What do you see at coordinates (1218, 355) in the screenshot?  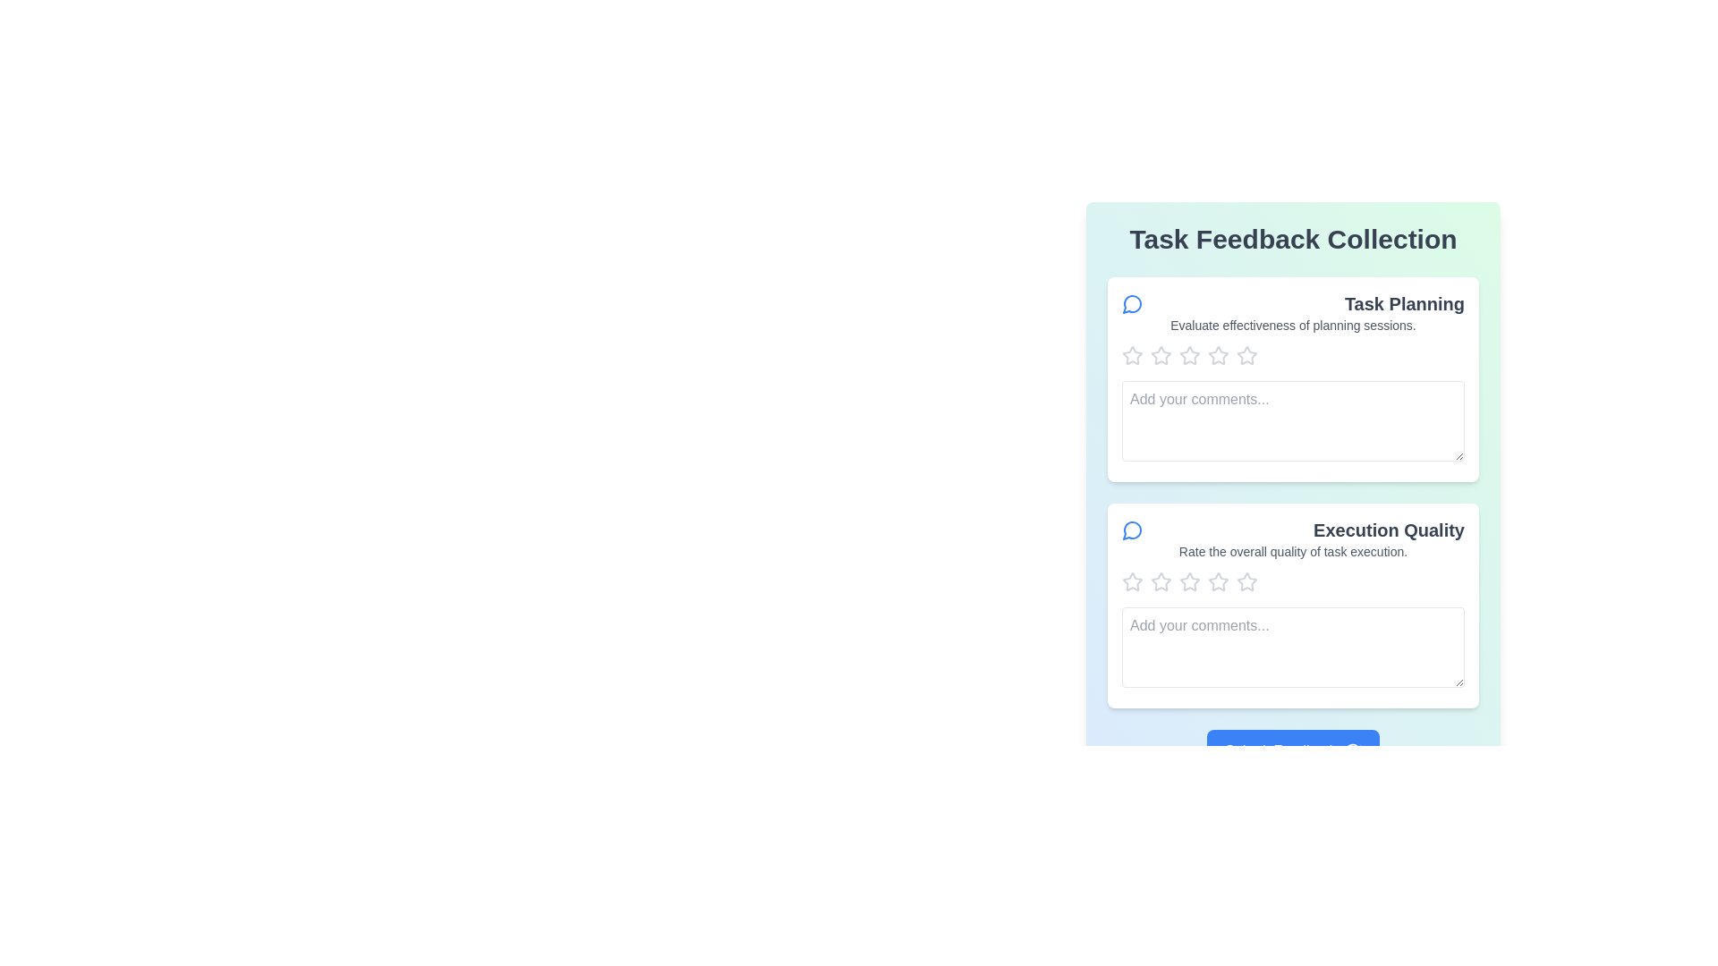 I see `the second star icon in the 'Task Planning' section to provide feedback on the rating` at bounding box center [1218, 355].